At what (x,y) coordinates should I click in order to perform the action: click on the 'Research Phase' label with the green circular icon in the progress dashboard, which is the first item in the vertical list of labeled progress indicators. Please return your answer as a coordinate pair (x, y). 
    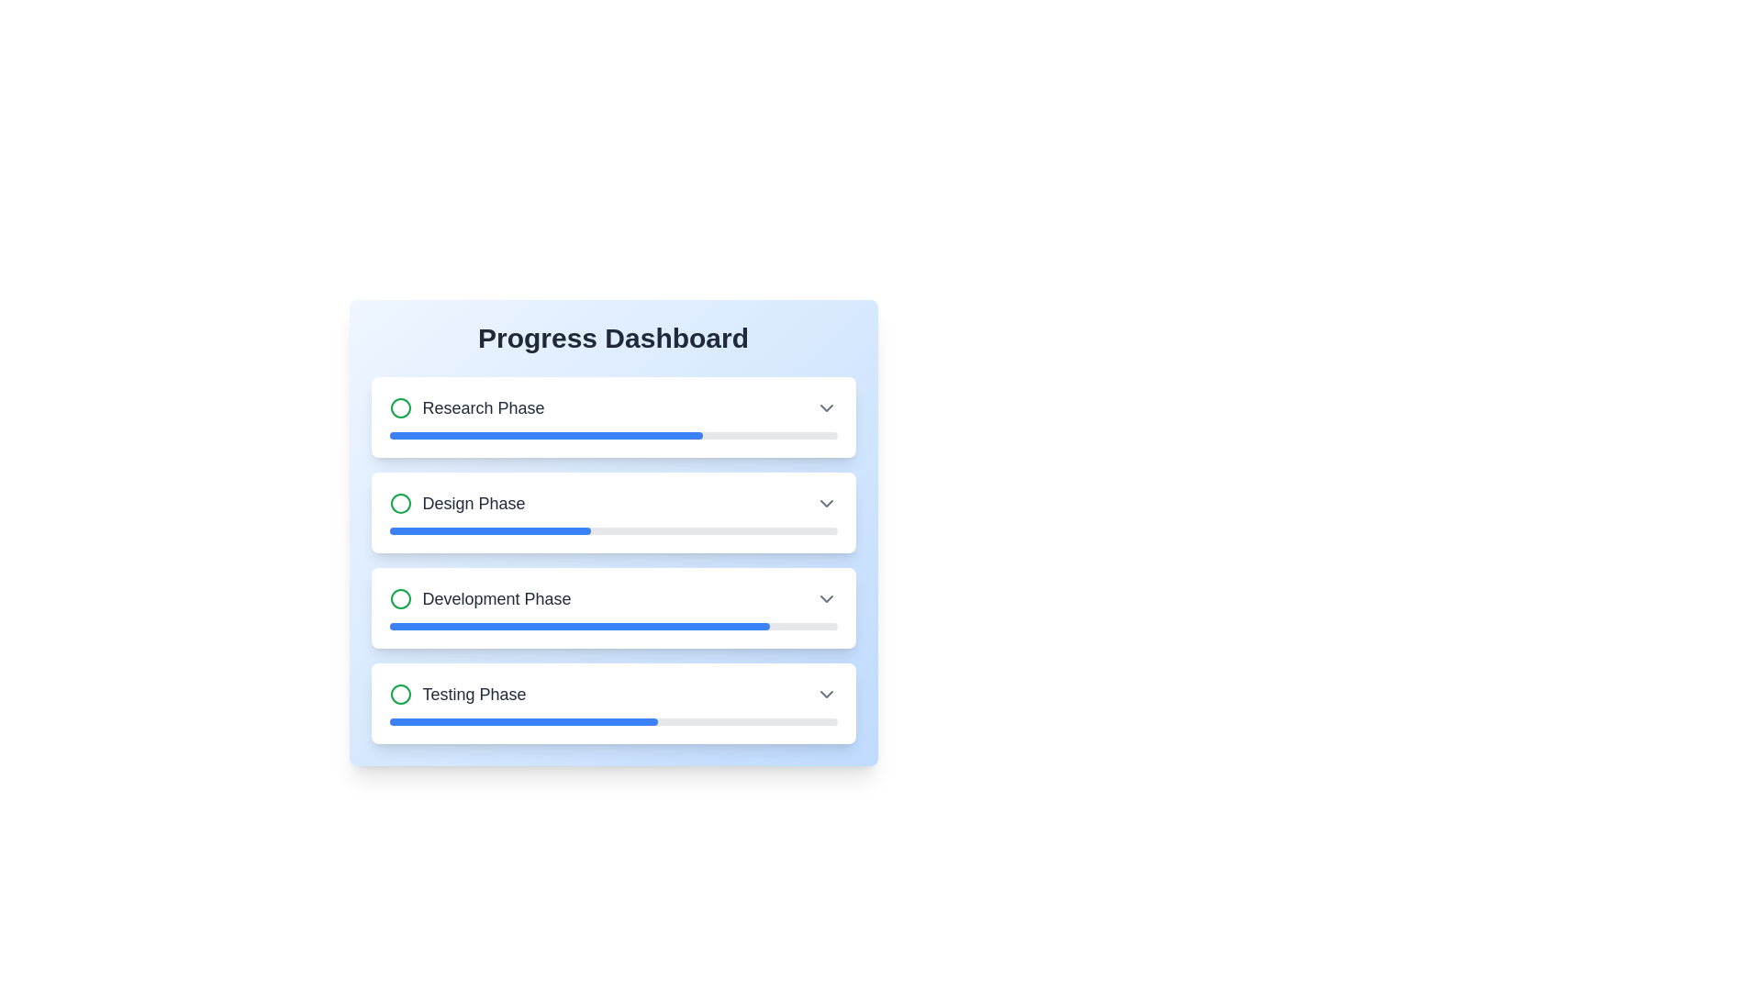
    Looking at the image, I should click on (466, 406).